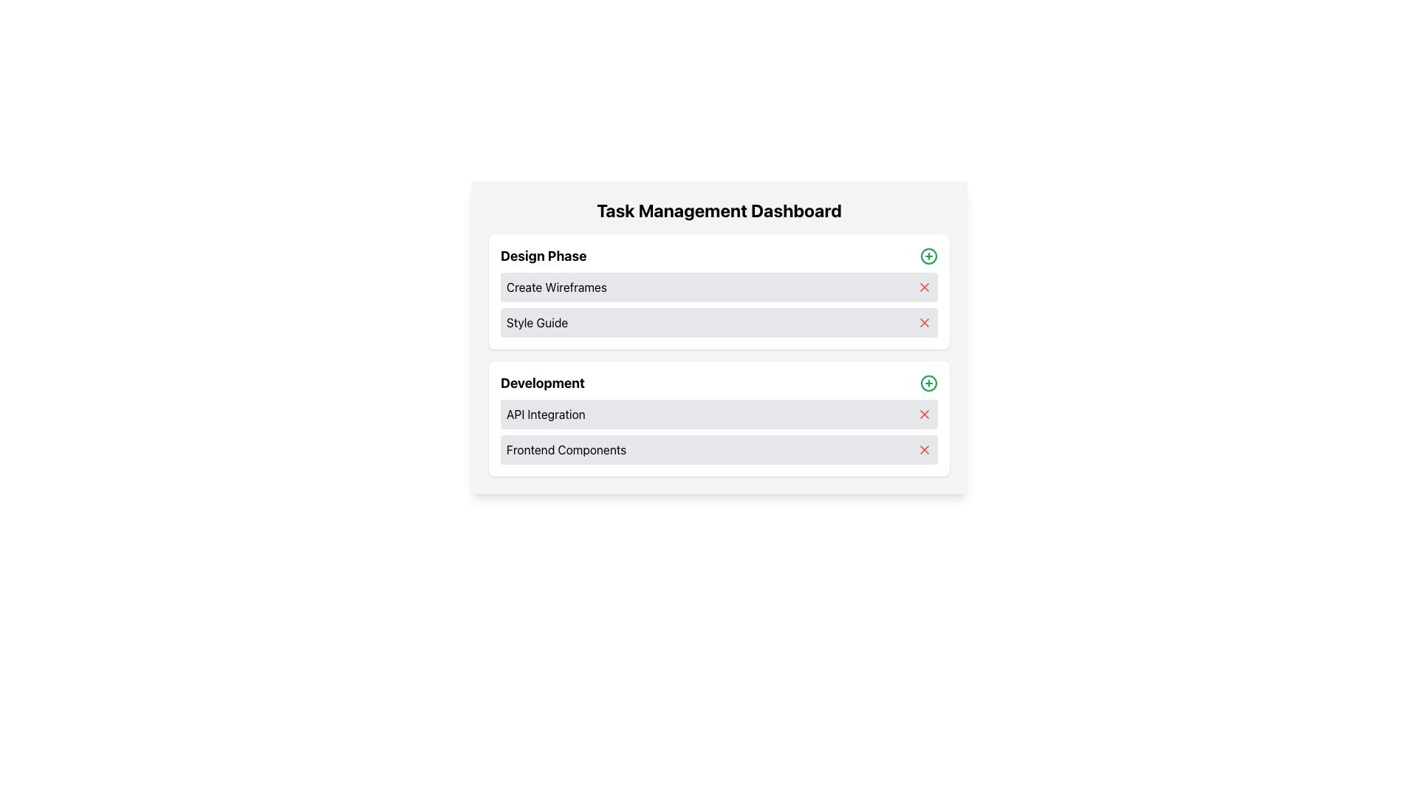 The height and width of the screenshot is (798, 1418). Describe the element at coordinates (924, 414) in the screenshot. I see `the small red cross icon located at the right end of the 'API Integration' bar in the Development section of the Task Management Dashboard` at that location.